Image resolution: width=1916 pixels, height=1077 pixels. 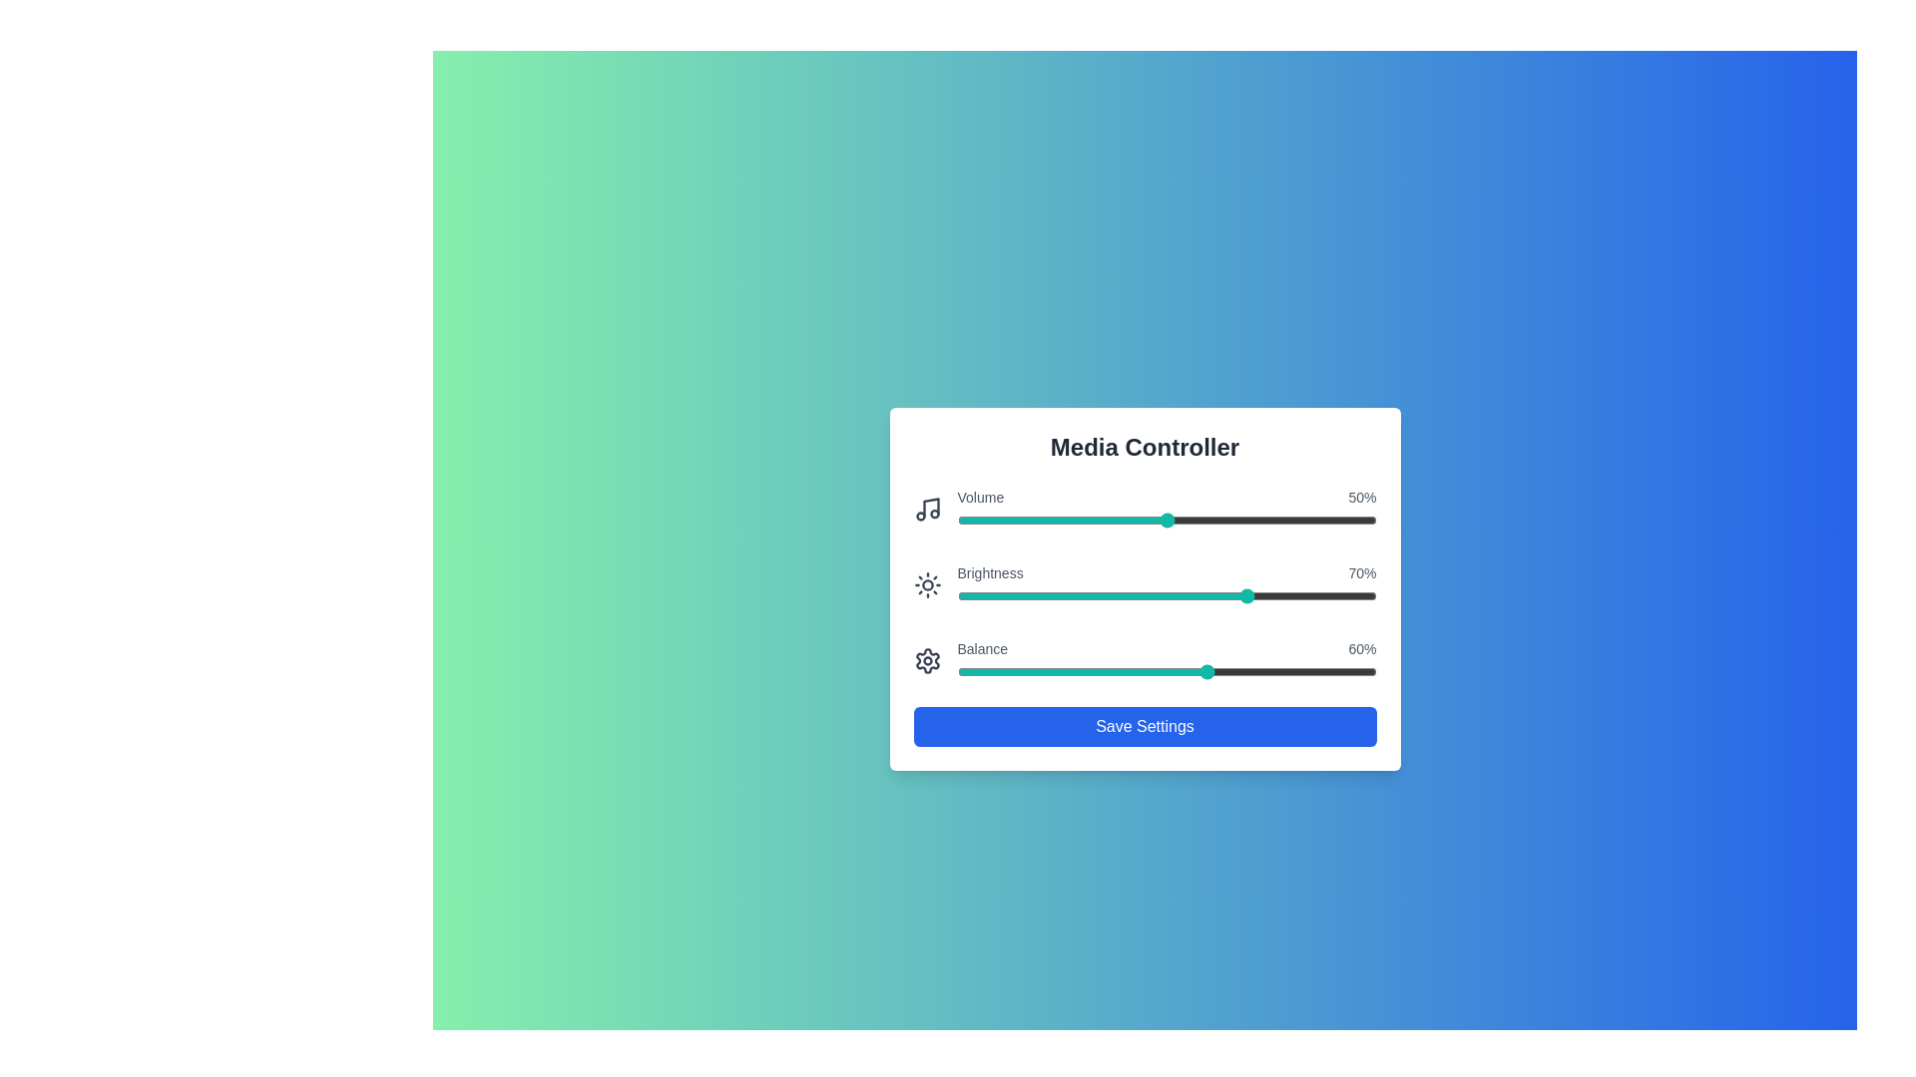 What do you see at coordinates (1154, 519) in the screenshot?
I see `the volume slider to 47% by dragging the slider handle` at bounding box center [1154, 519].